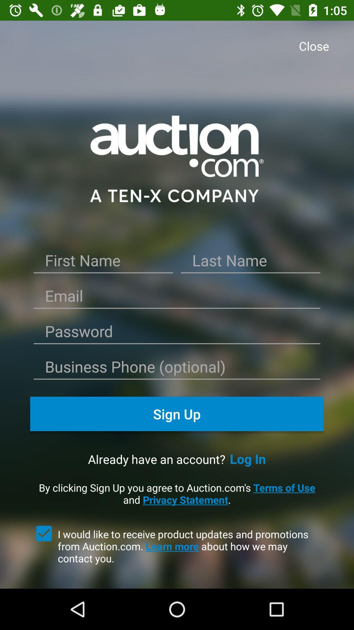  I want to click on last name, so click(250, 263).